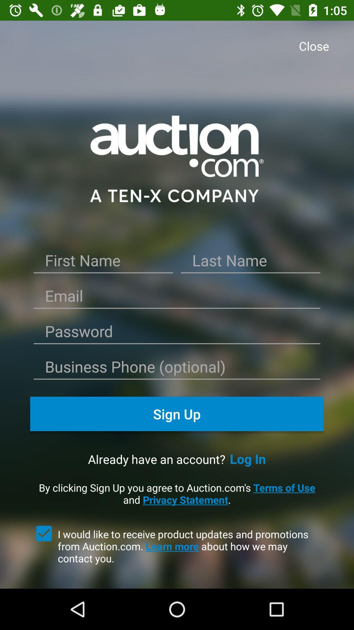  I want to click on last name, so click(250, 263).